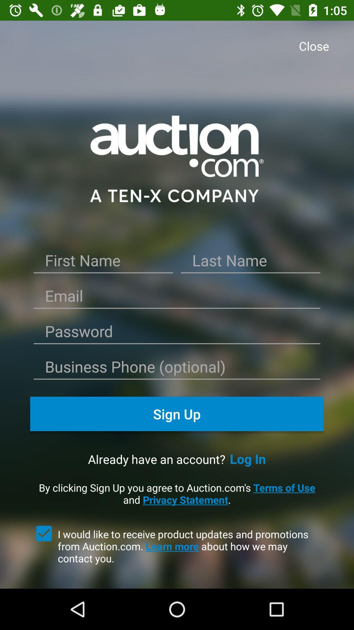  I want to click on last name, so click(250, 263).